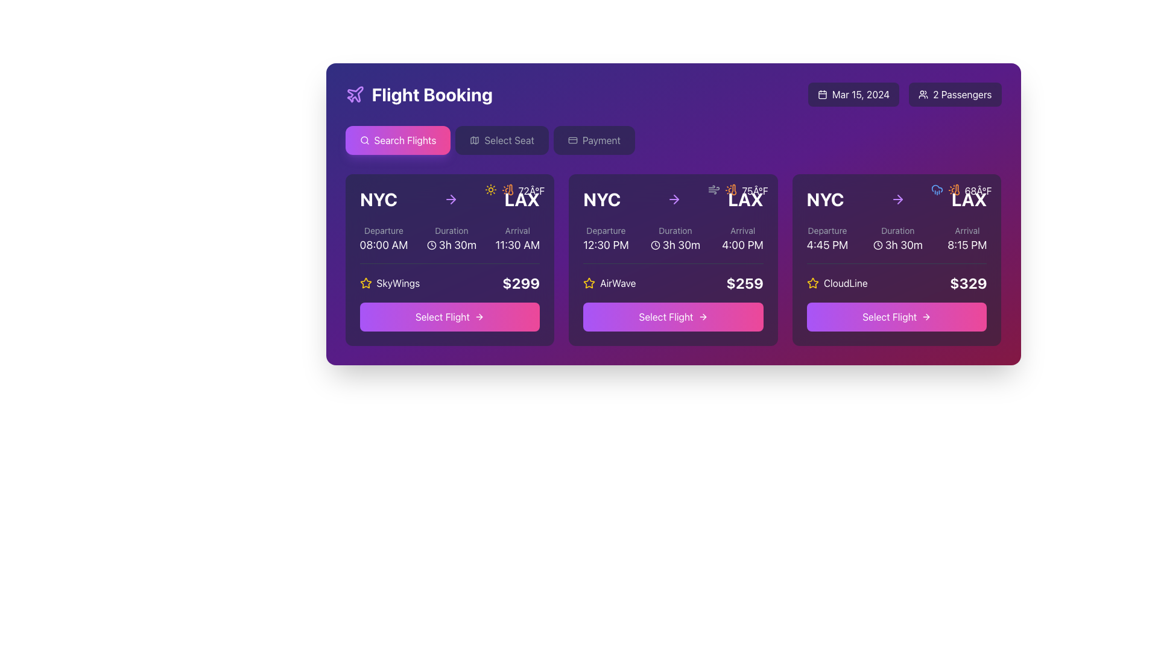  I want to click on the text label displaying 'LAX' in bold, extra-large font size and white color, which is part of a horizontal layout in the flight card interface, so click(969, 199).